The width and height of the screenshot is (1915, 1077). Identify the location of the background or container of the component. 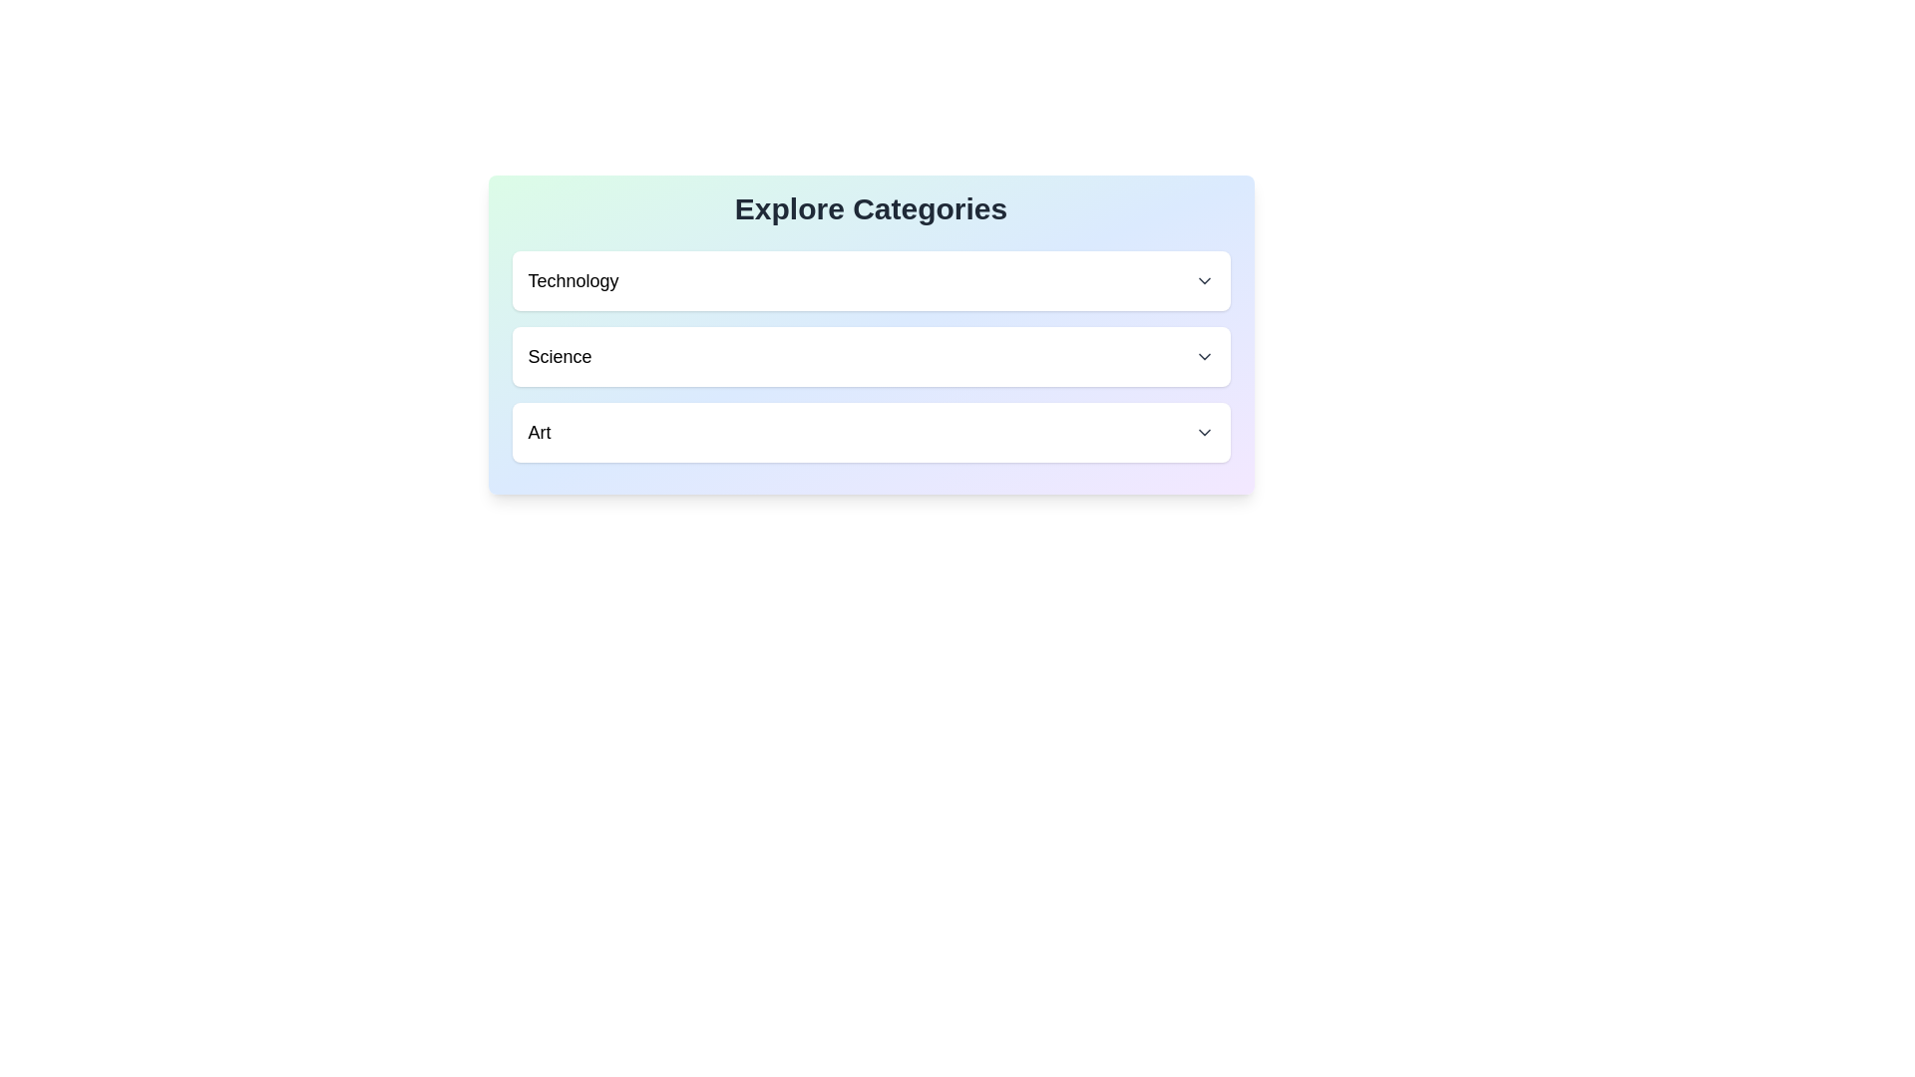
(871, 333).